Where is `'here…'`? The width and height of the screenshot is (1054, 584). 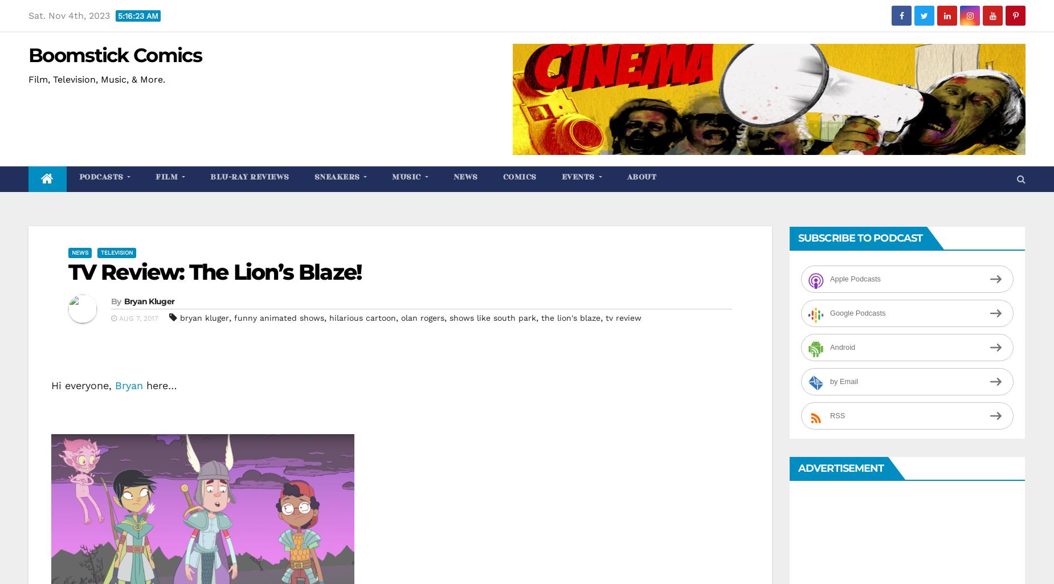 'here…' is located at coordinates (142, 385).